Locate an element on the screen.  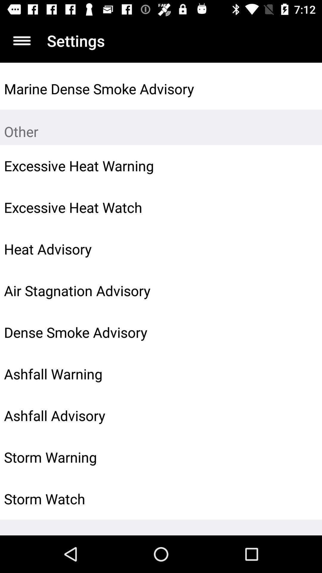
item next to the dense smoke advisory item is located at coordinates (303, 332).